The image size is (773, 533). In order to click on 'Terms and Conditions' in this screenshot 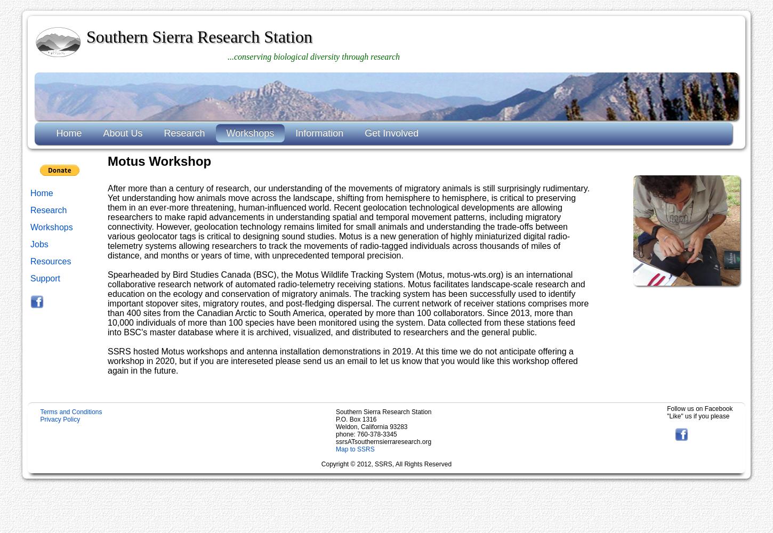, I will do `click(70, 411)`.